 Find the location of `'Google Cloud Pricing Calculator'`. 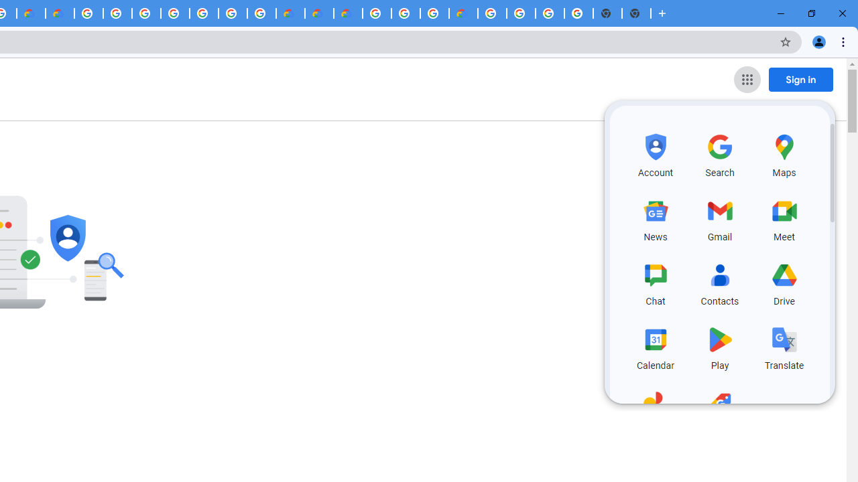

'Google Cloud Pricing Calculator' is located at coordinates (318, 13).